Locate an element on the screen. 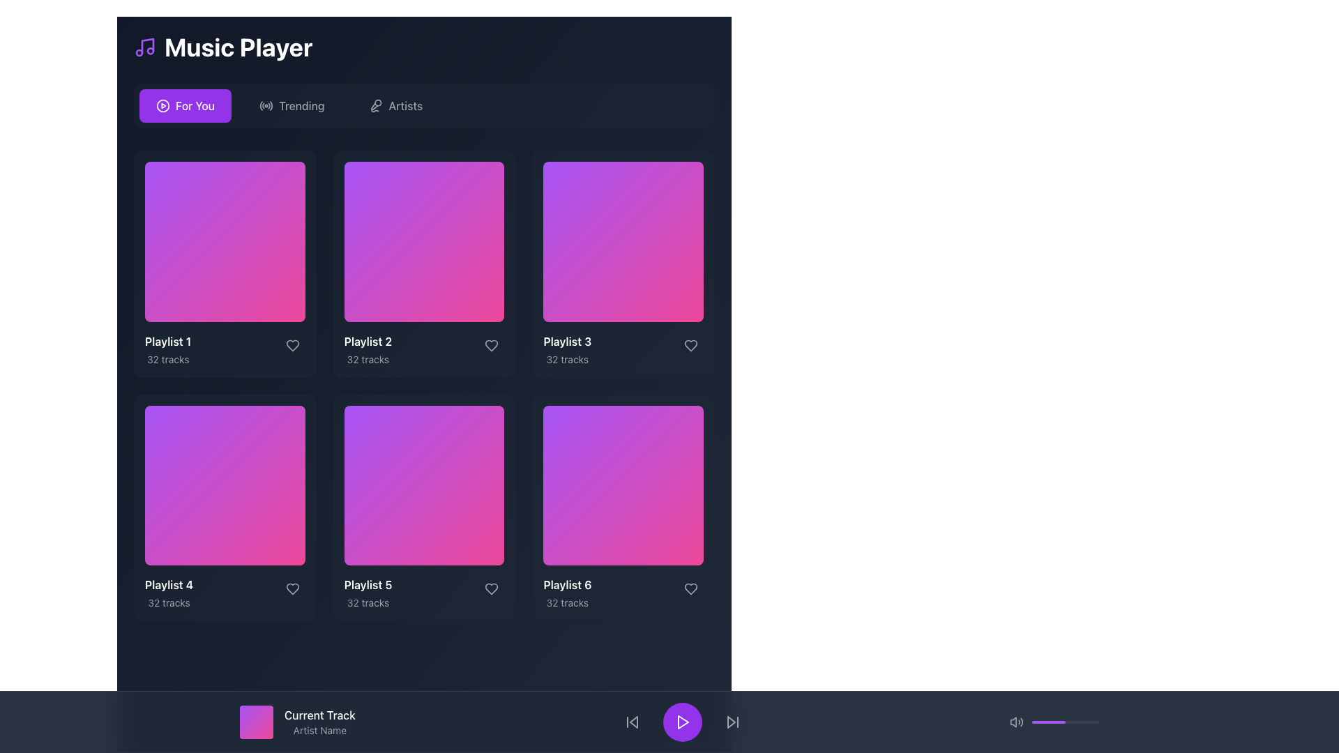  the heart icon located in the fourth playlist card in the second row of the grid layout is located at coordinates (292, 589).